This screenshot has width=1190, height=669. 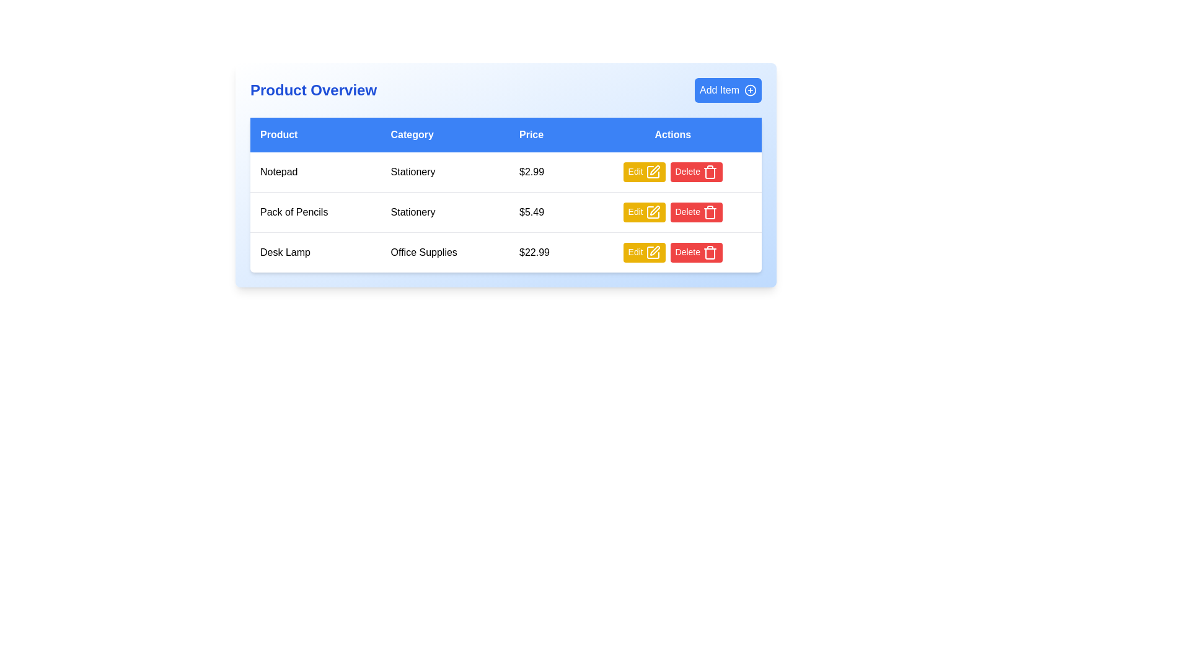 I want to click on the 'Office Supplies' text label in the 'Category' column of the product table, which is part of the third row for the 'Desk Lamp', so click(x=445, y=251).